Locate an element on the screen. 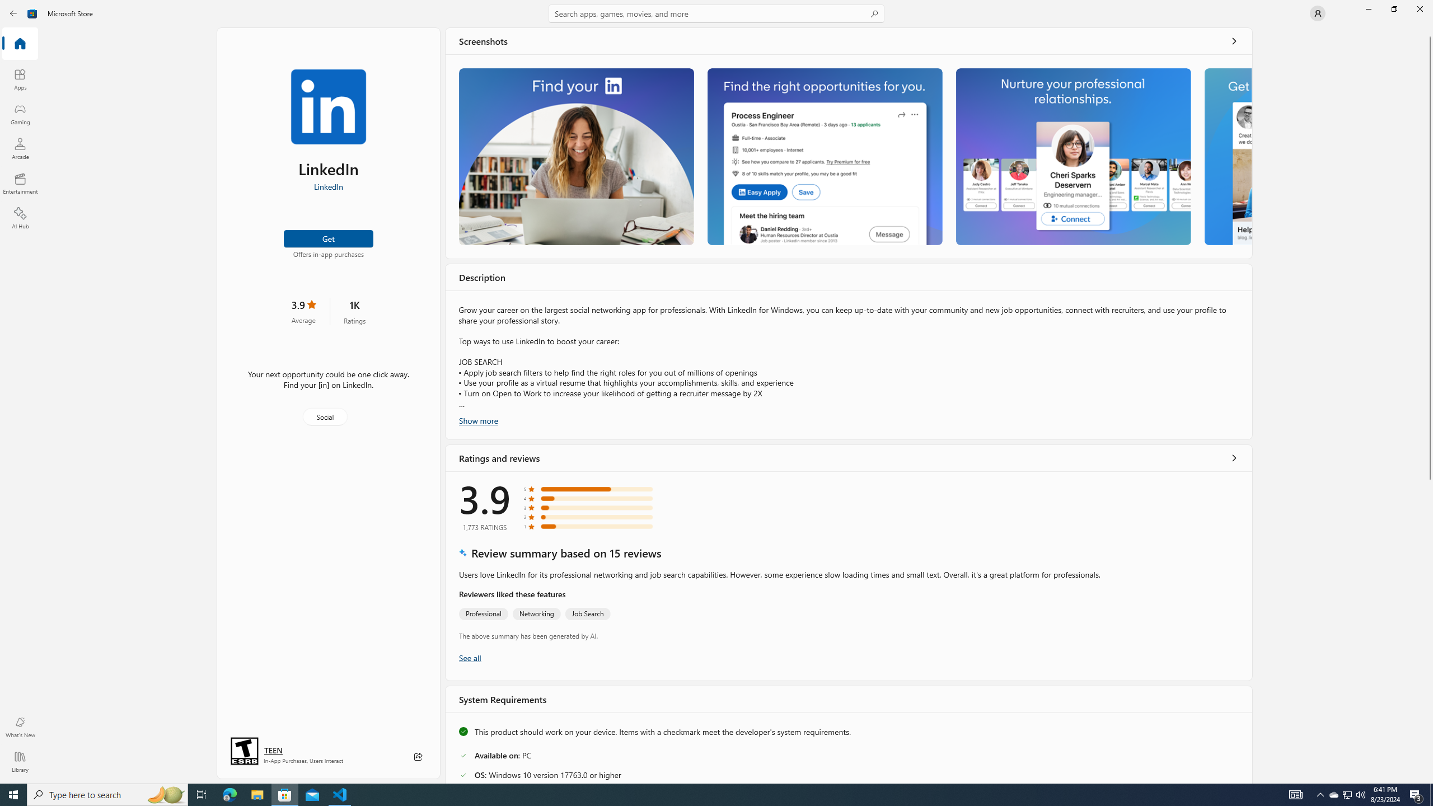 The width and height of the screenshot is (1433, 806). '3.9 stars. Click to skip to ratings and reviews' is located at coordinates (303, 311).